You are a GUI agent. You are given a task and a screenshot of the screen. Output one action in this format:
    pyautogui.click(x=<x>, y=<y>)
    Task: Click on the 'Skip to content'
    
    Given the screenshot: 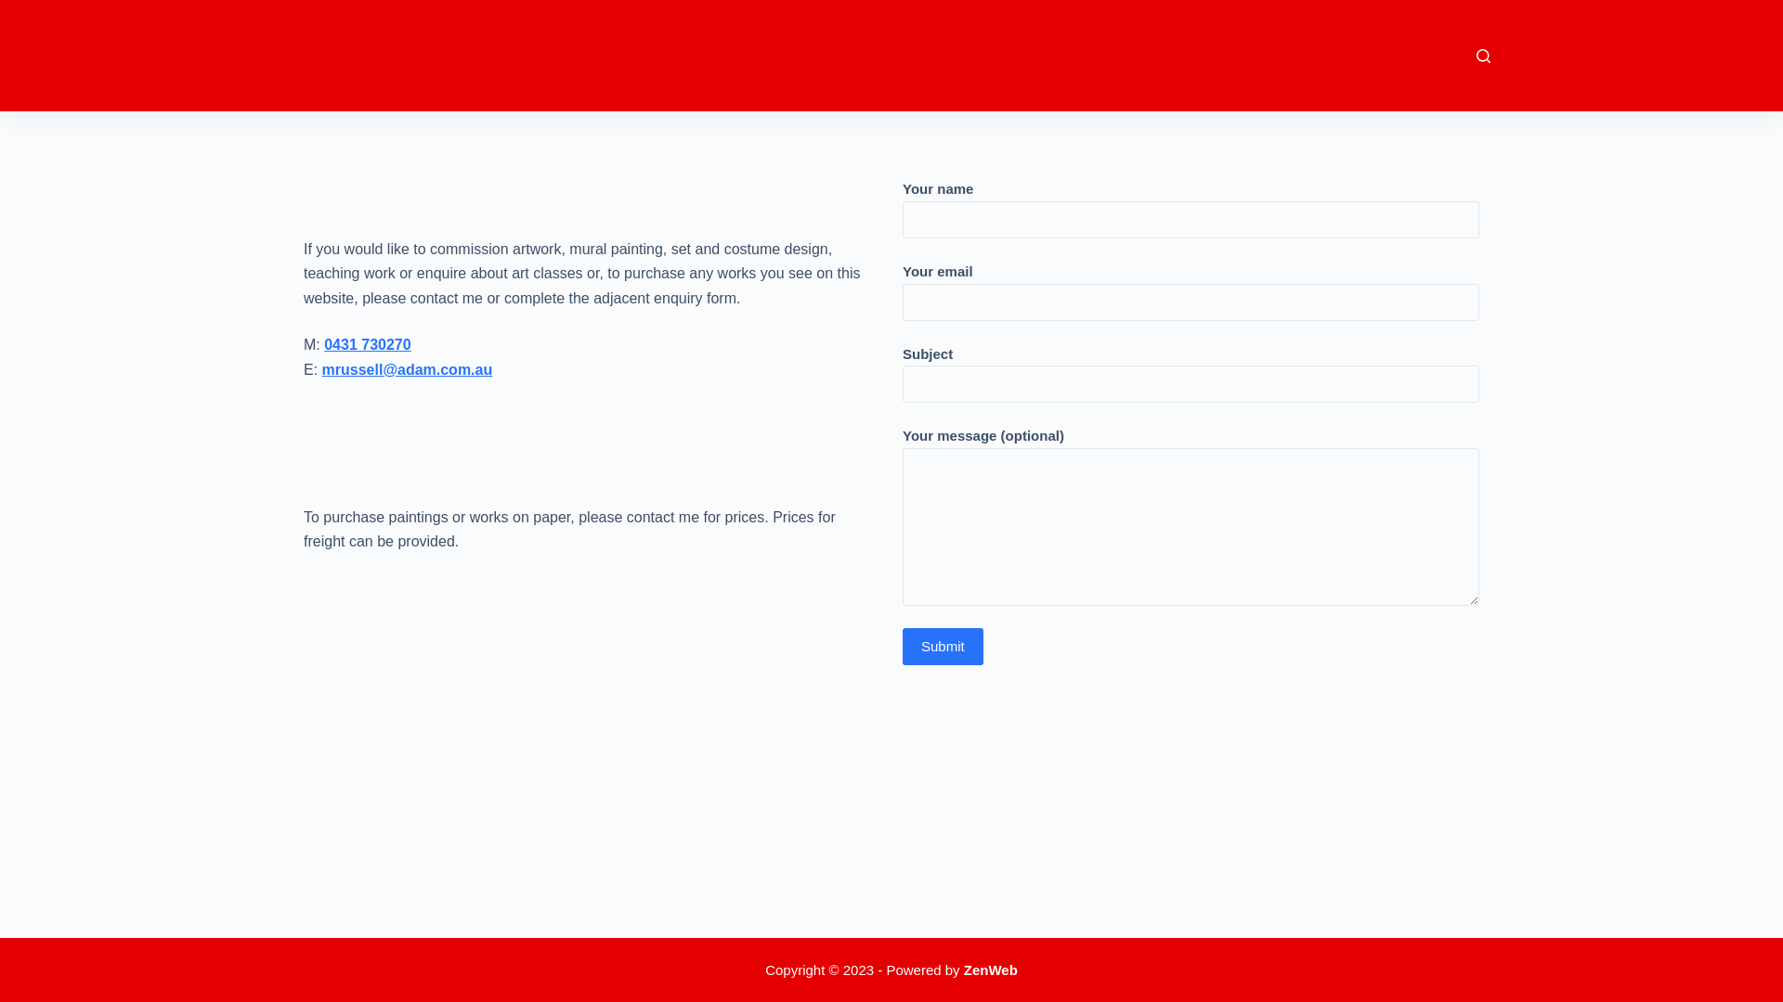 What is the action you would take?
    pyautogui.click(x=18, y=9)
    